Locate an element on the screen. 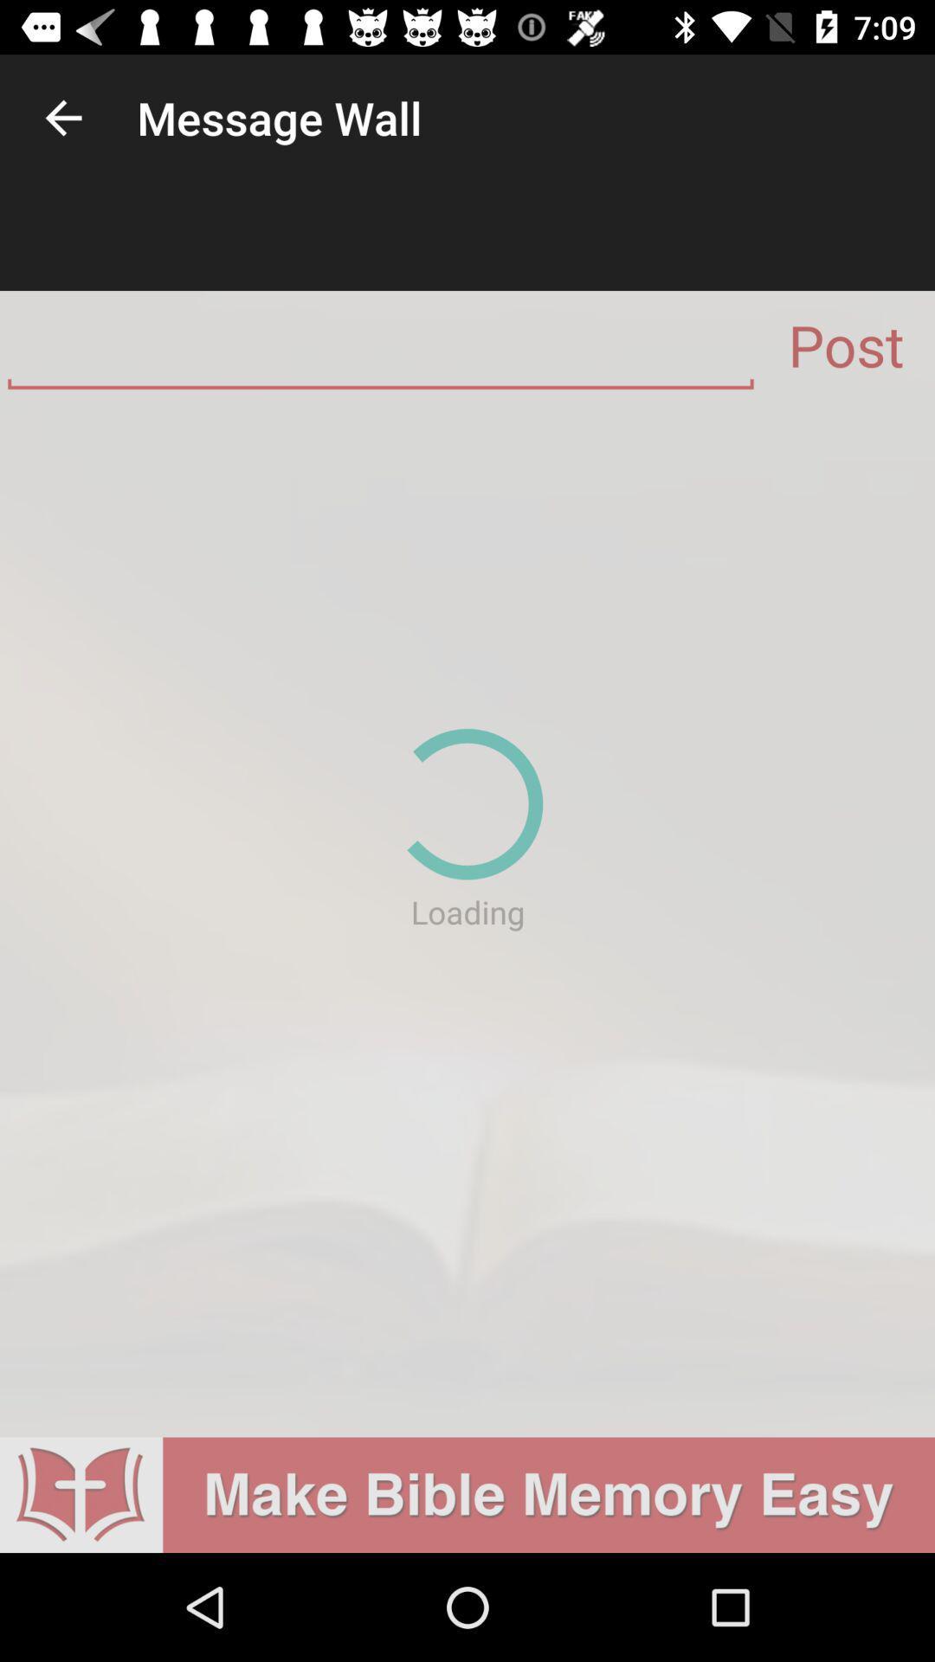 Image resolution: width=935 pixels, height=1662 pixels. message is located at coordinates (379, 351).